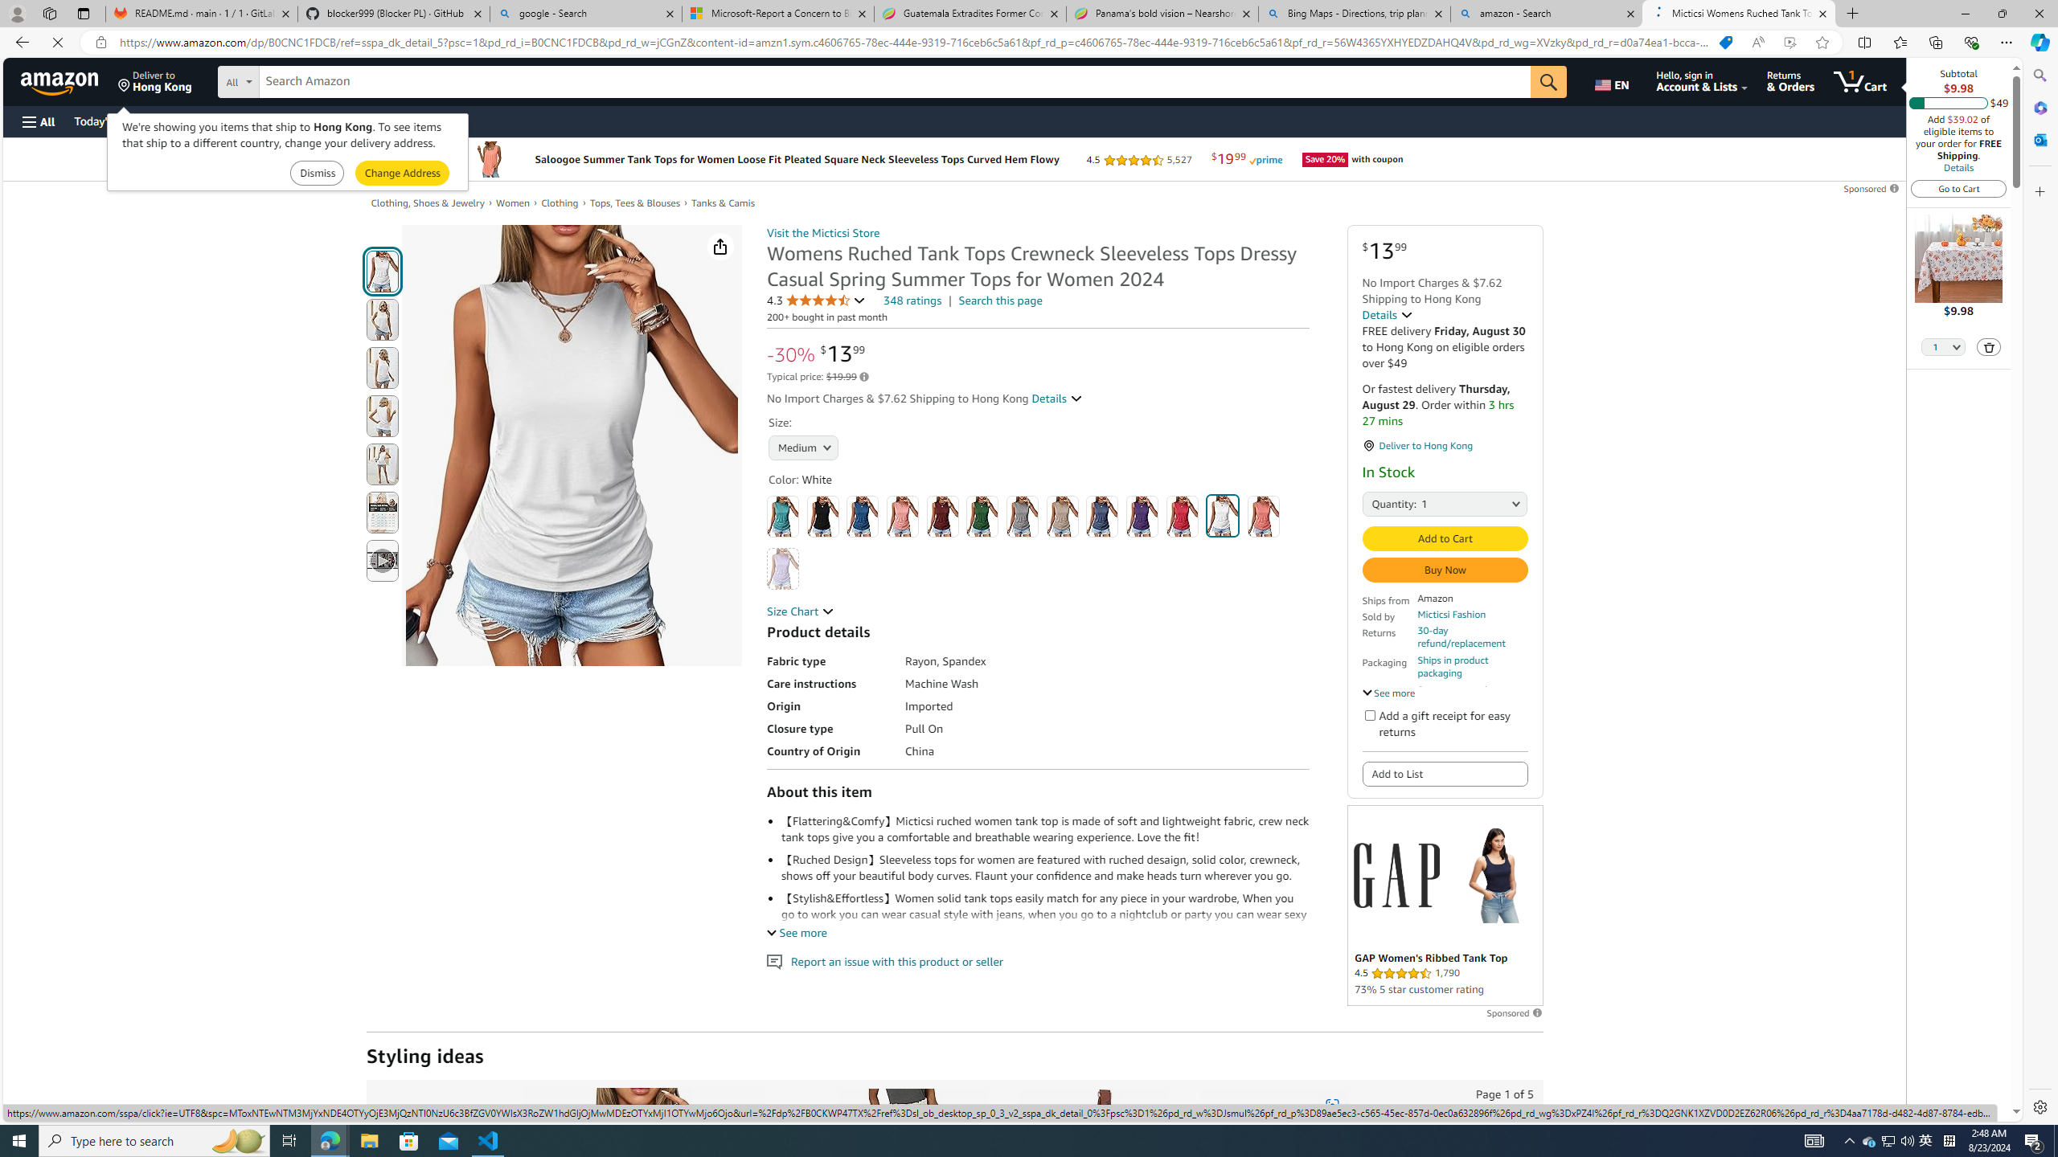 The width and height of the screenshot is (2058, 1157). I want to click on 'Search Amazon', so click(894, 82).